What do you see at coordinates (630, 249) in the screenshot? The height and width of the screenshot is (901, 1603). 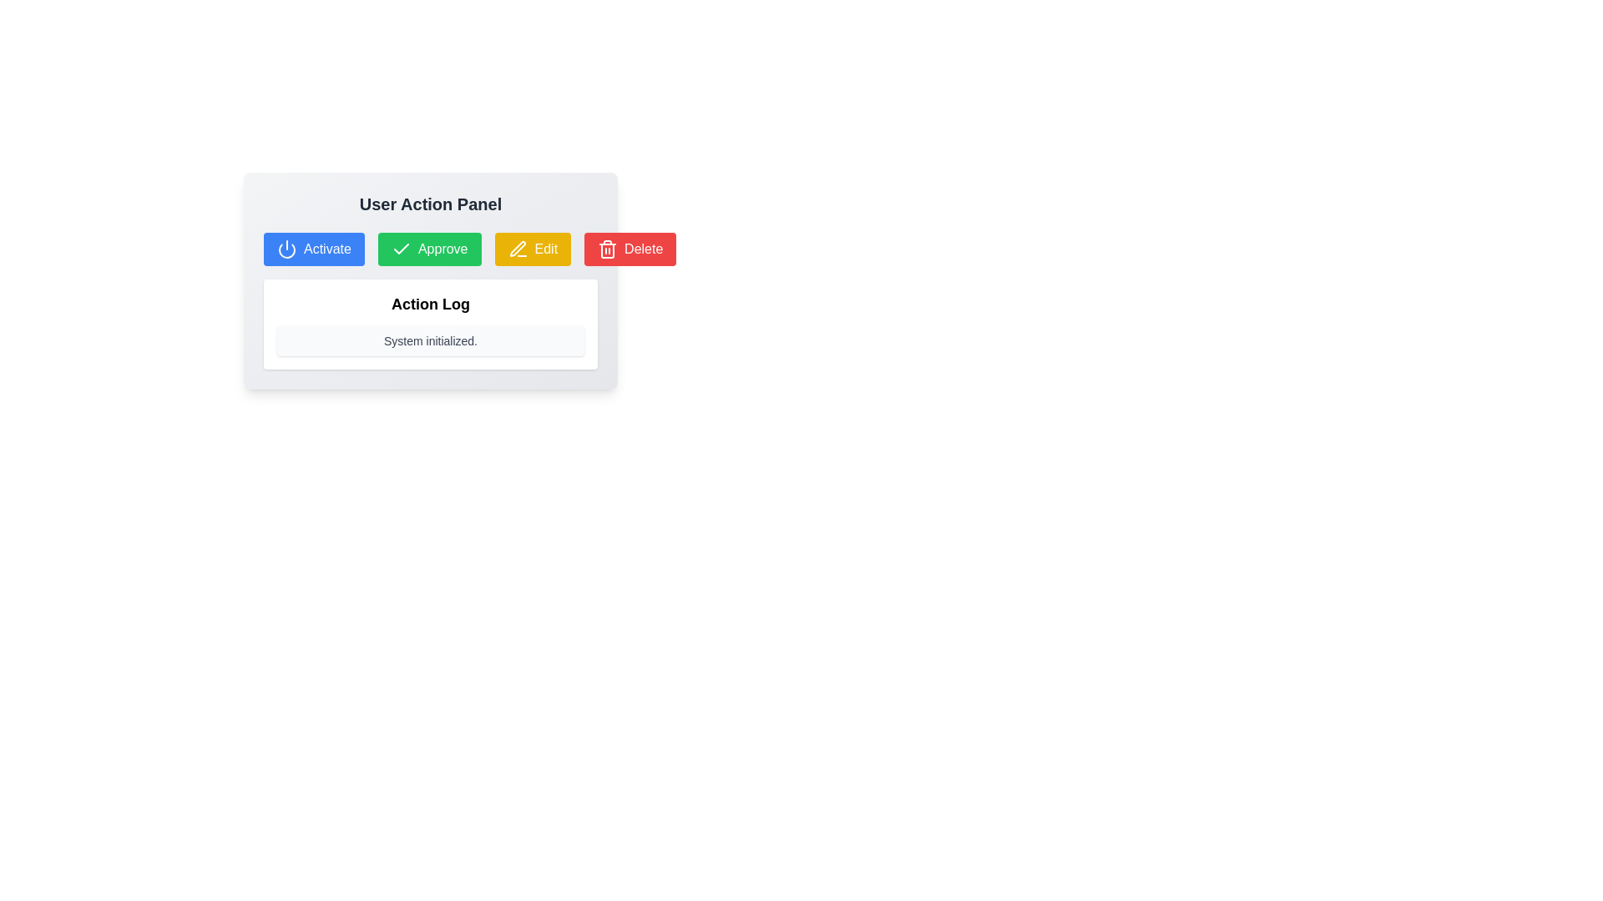 I see `the deletion button, the fourth button in a group of action buttons located at the top section of the interface, to trigger a hover effect` at bounding box center [630, 249].